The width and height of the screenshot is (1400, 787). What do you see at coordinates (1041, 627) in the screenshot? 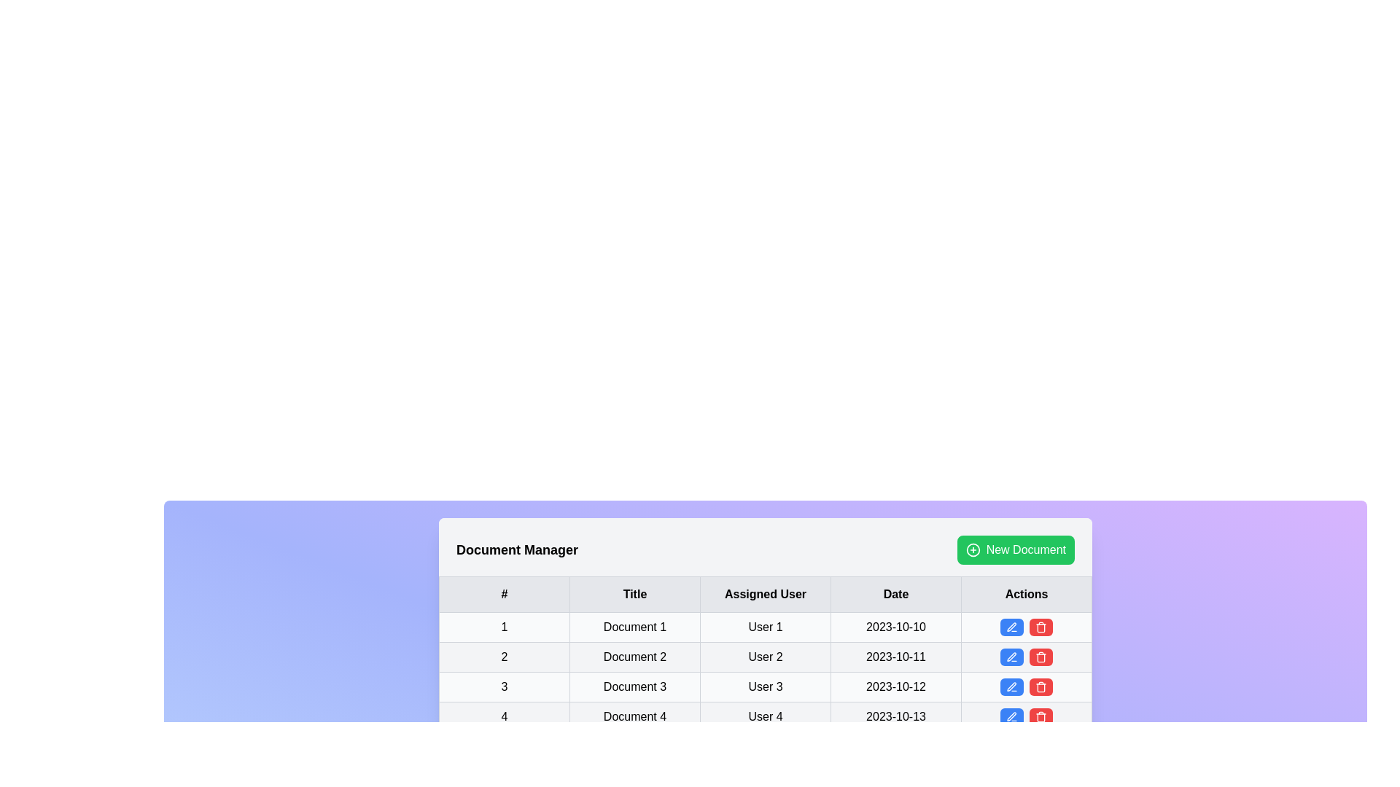
I see `the vertical part of the trash icon, which represents the body of the trash can in the 4th row under the Actions column of the table` at bounding box center [1041, 627].